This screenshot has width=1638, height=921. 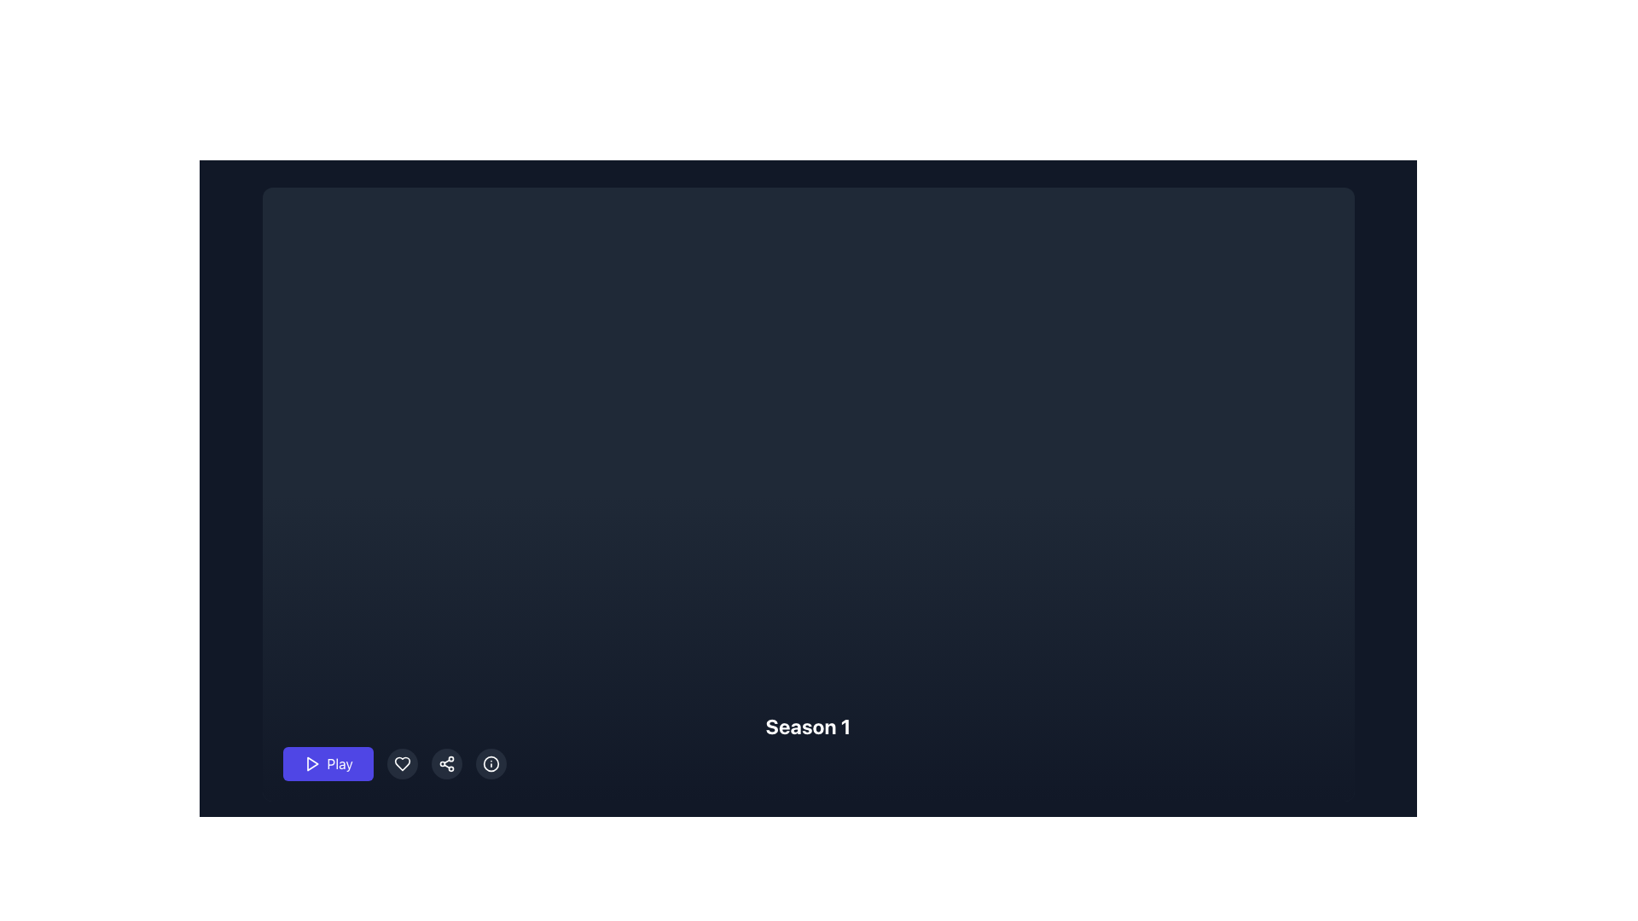 What do you see at coordinates (401, 762) in the screenshot?
I see `the heart-shaped icon button, located towards the bottom center of the interface` at bounding box center [401, 762].